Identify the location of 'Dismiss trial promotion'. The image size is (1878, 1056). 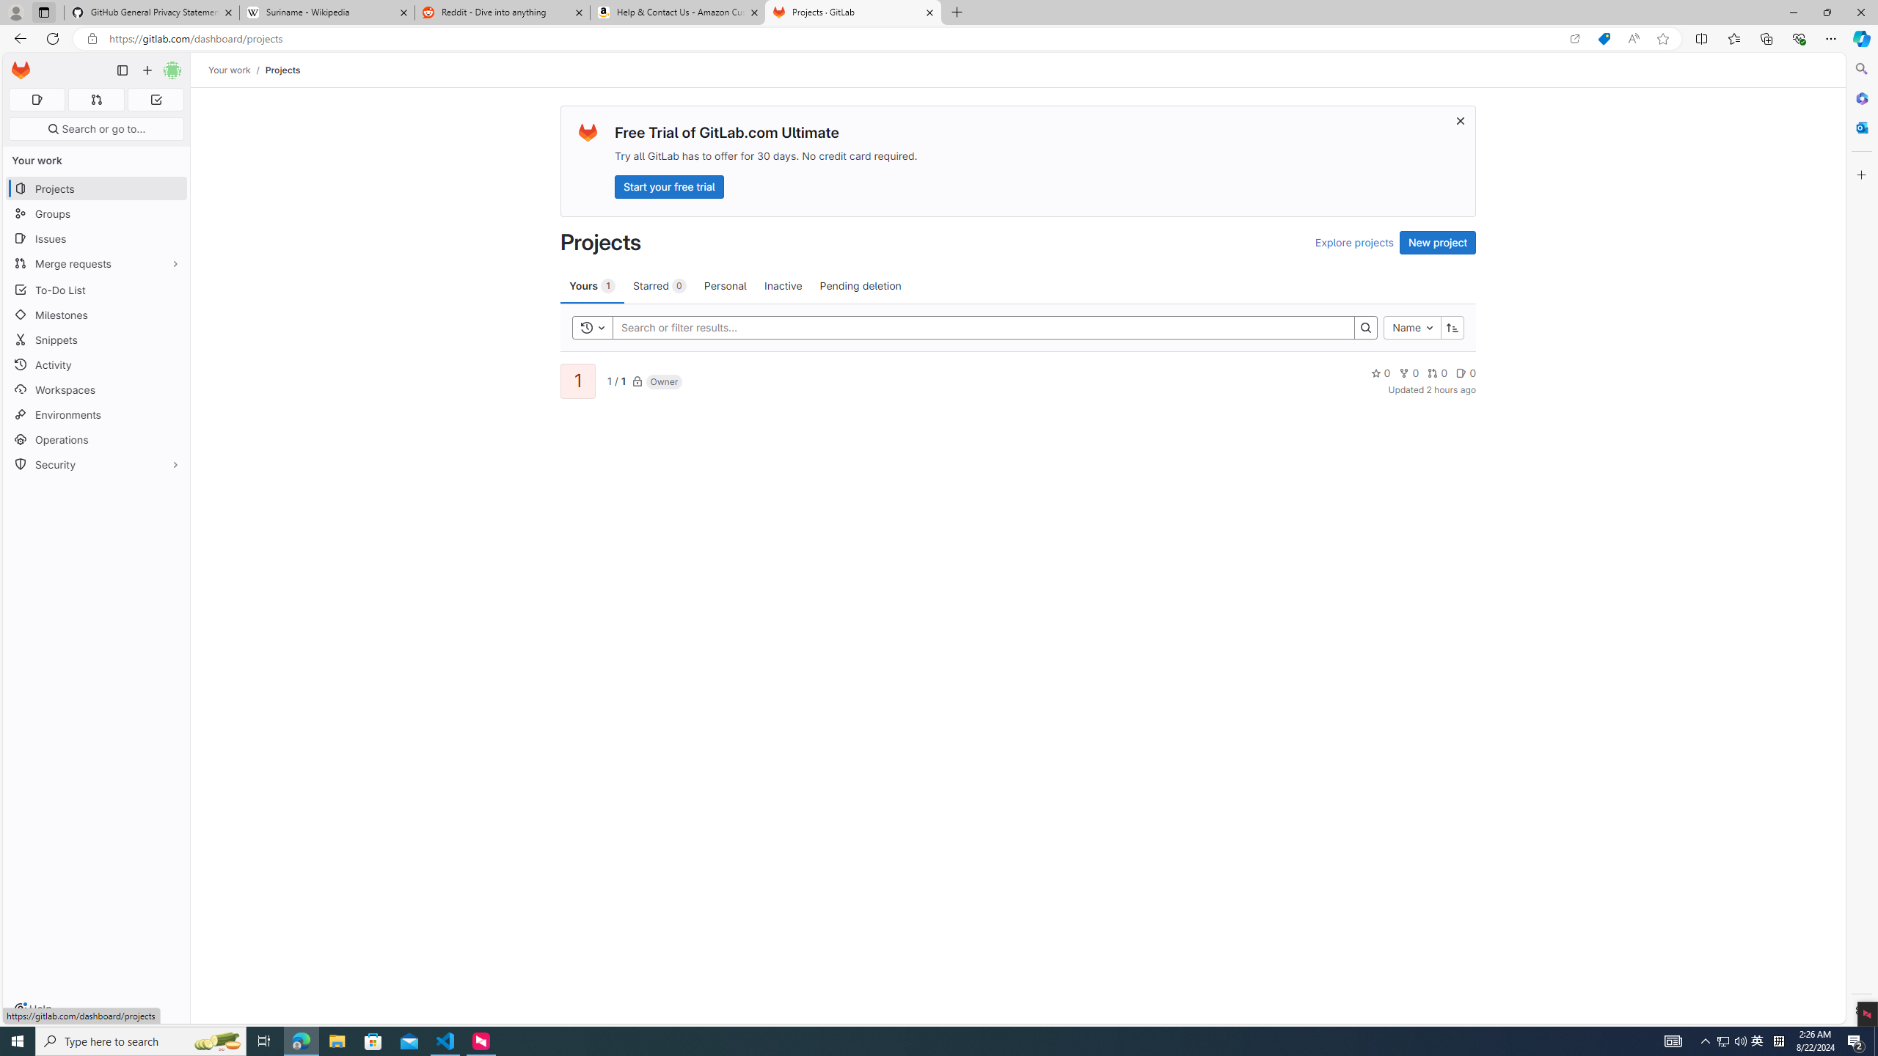
(1459, 120).